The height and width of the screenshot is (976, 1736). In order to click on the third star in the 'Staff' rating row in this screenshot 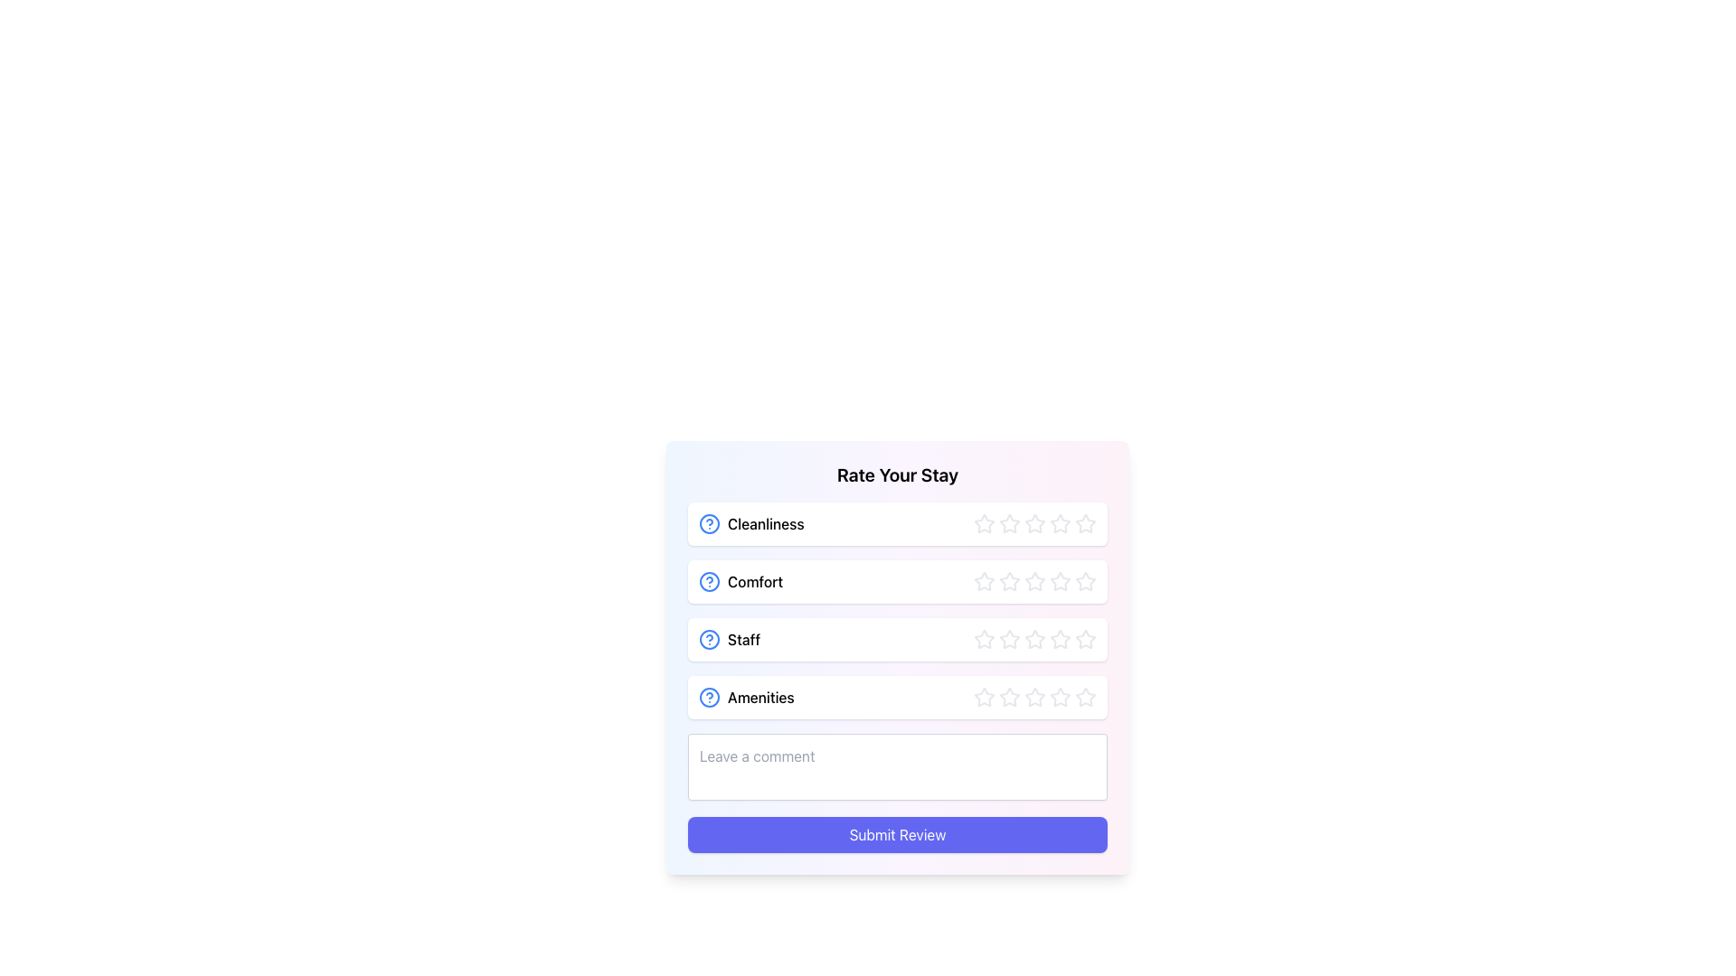, I will do `click(1035, 638)`.